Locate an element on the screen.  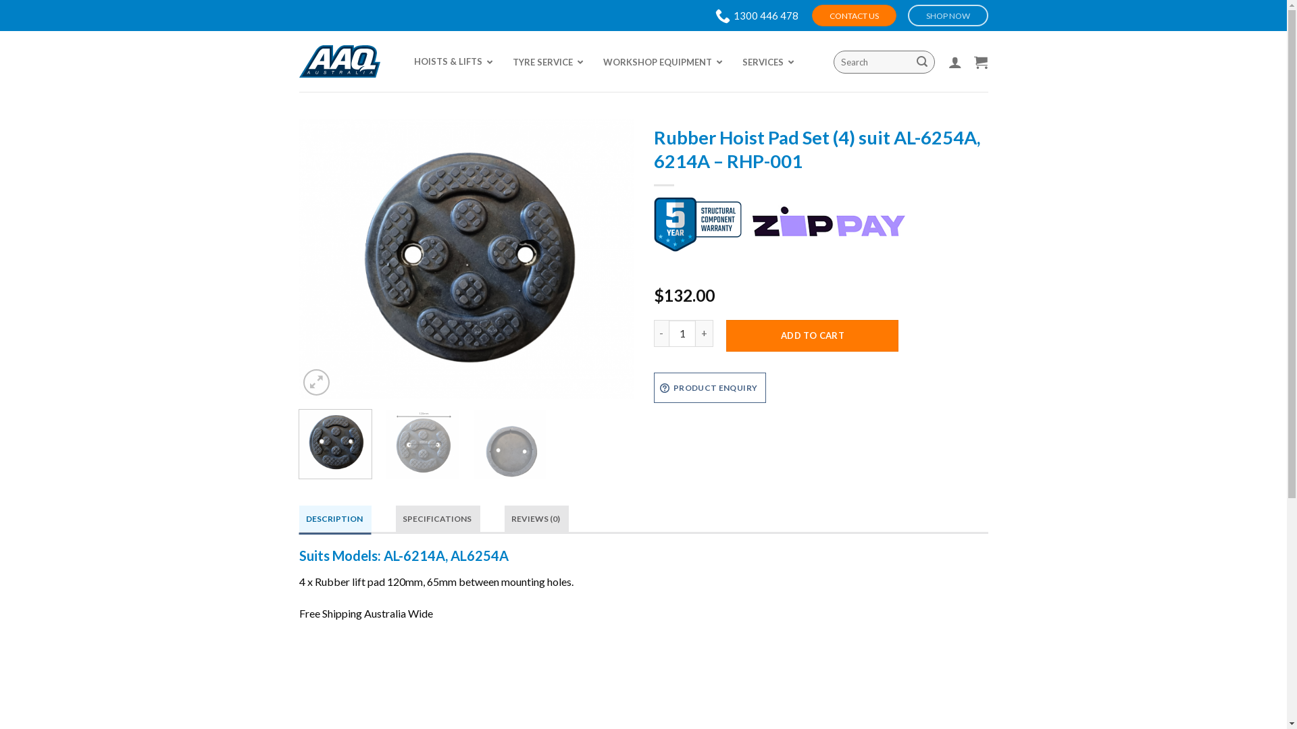
'Search' is located at coordinates (921, 62).